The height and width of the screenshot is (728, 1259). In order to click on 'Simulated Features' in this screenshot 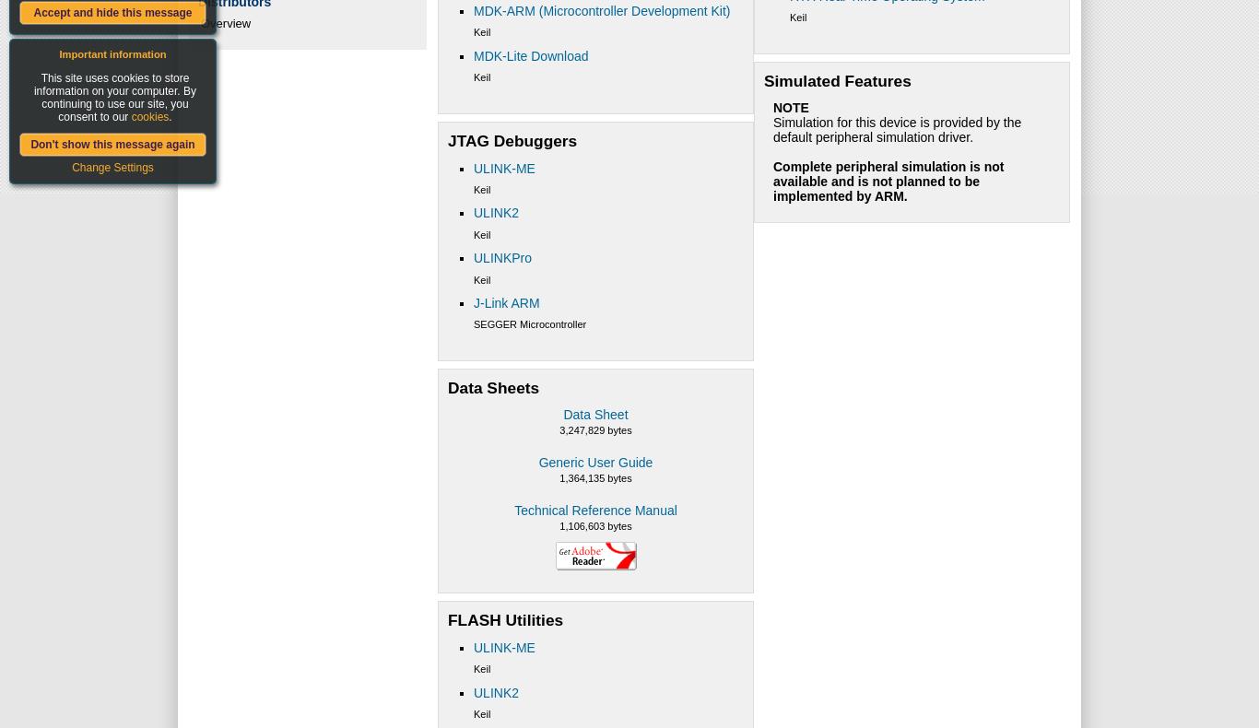, I will do `click(836, 79)`.